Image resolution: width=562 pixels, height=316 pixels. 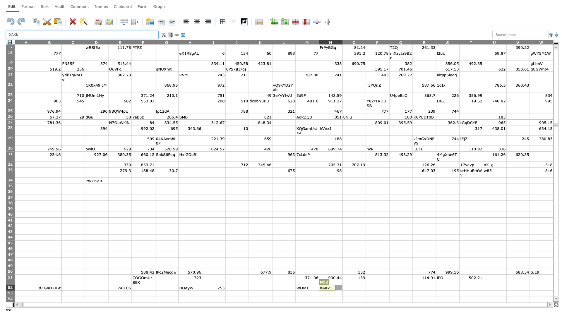 What do you see at coordinates (342, 284) in the screenshot?
I see `top left corner of cell O52` at bounding box center [342, 284].